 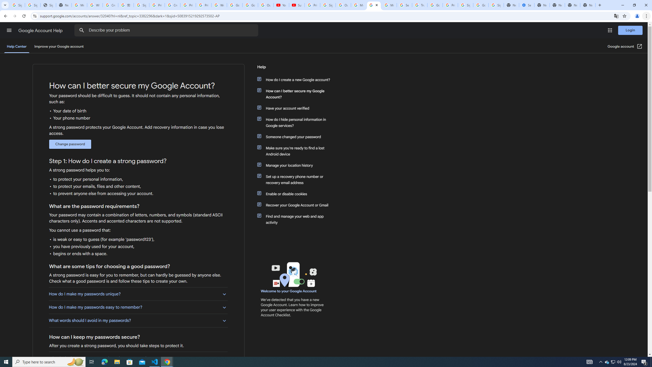 What do you see at coordinates (296, 219) in the screenshot?
I see `'Find and manage your web and app activity'` at bounding box center [296, 219].